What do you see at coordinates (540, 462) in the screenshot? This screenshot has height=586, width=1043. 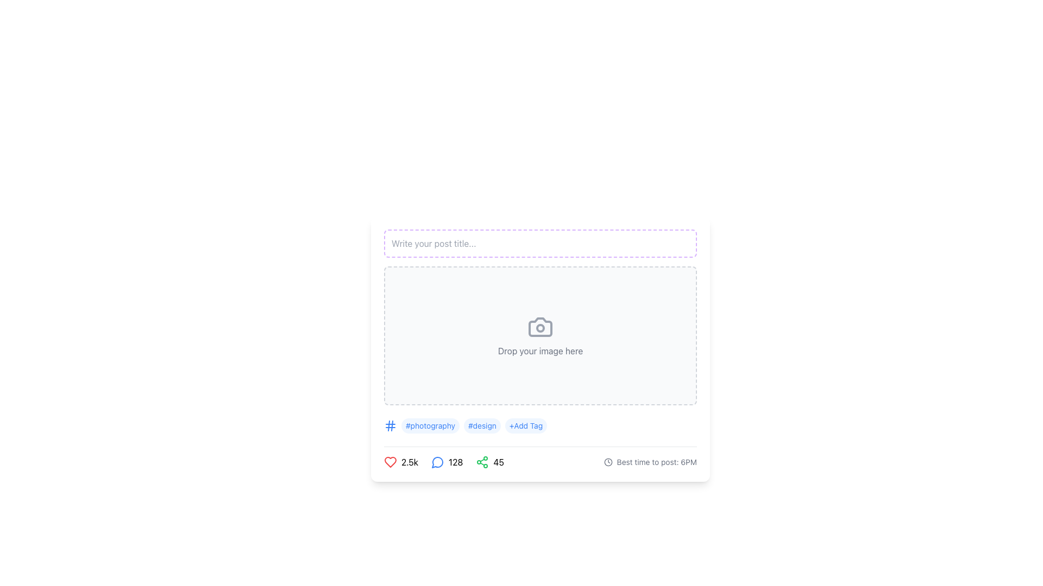 I see `suggested posting time from the Information display section located at the bottom of the main content, which shows engagement metrics and optimal posting time` at bounding box center [540, 462].